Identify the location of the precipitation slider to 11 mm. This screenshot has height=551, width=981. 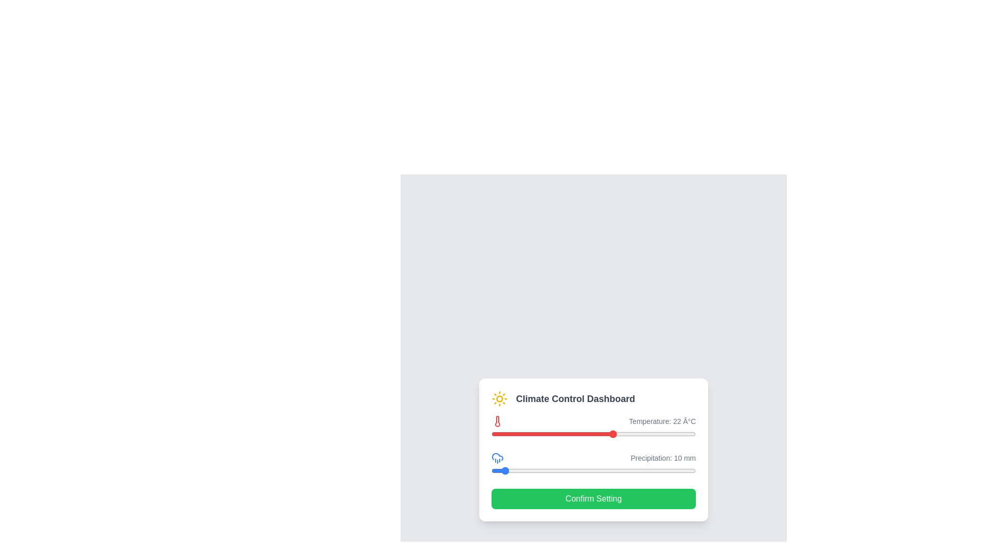
(502, 470).